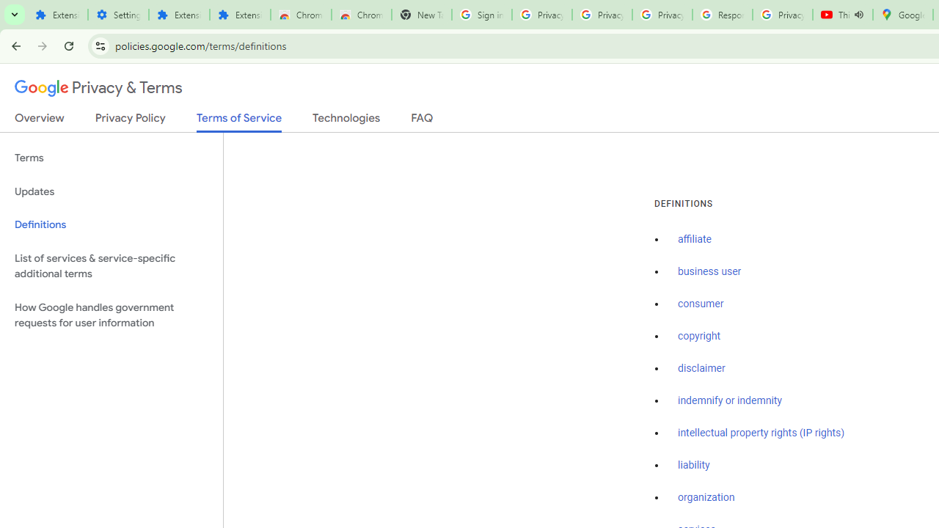 This screenshot has height=528, width=939. I want to click on 'Terms', so click(111, 158).